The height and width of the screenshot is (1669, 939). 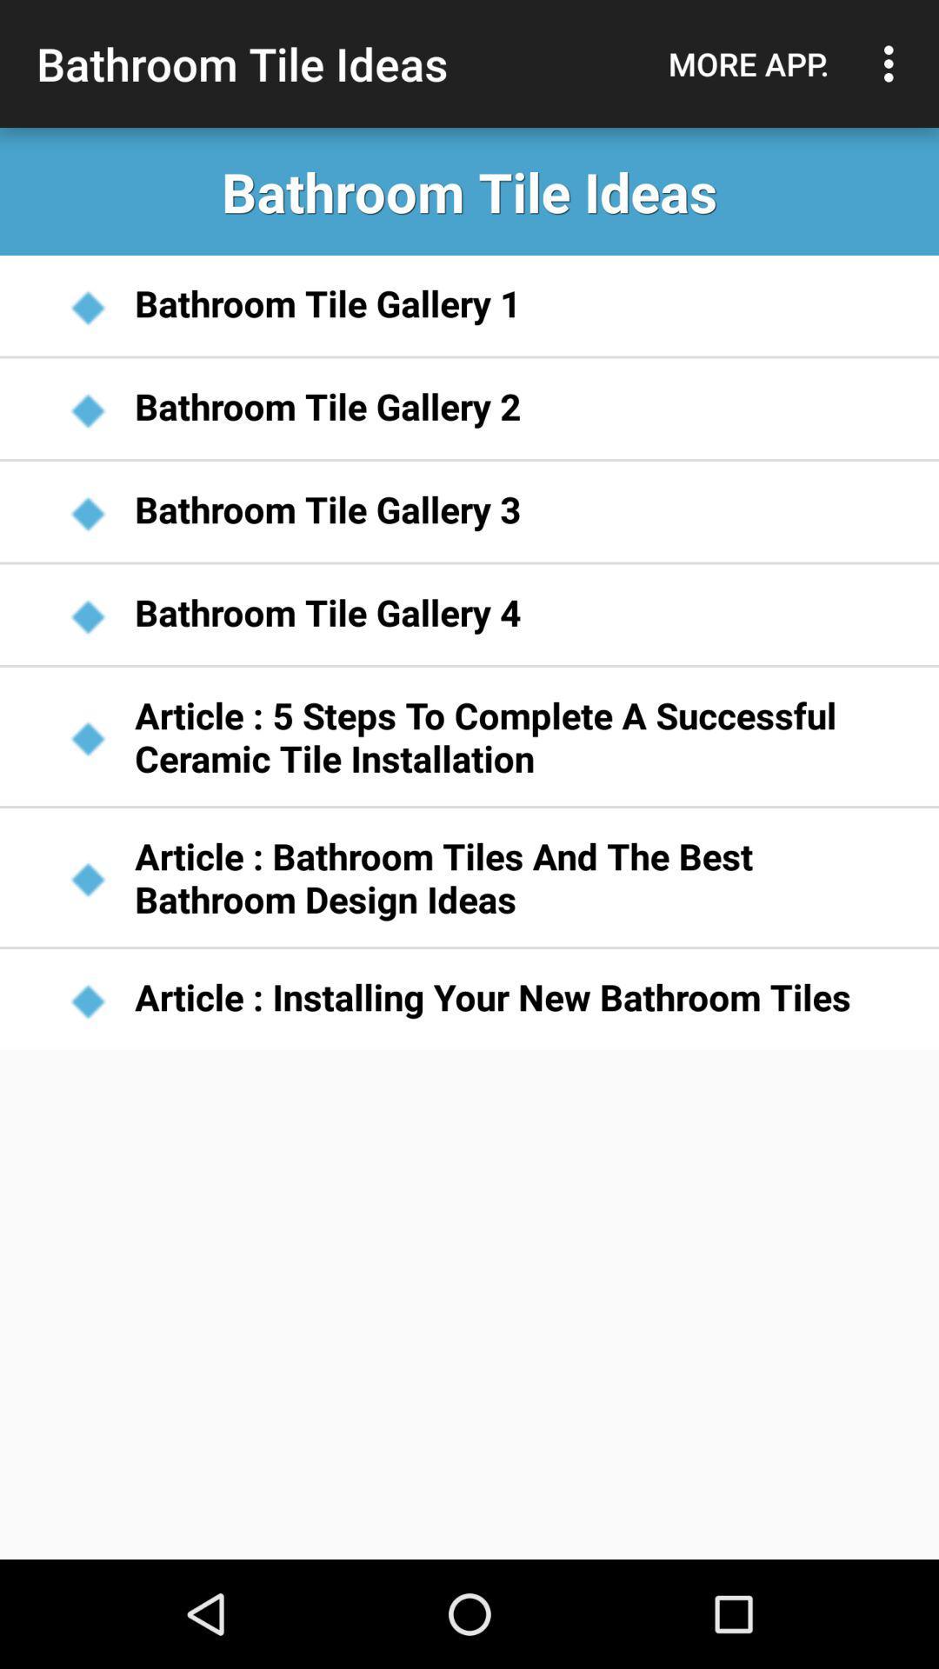 I want to click on more app. item, so click(x=748, y=63).